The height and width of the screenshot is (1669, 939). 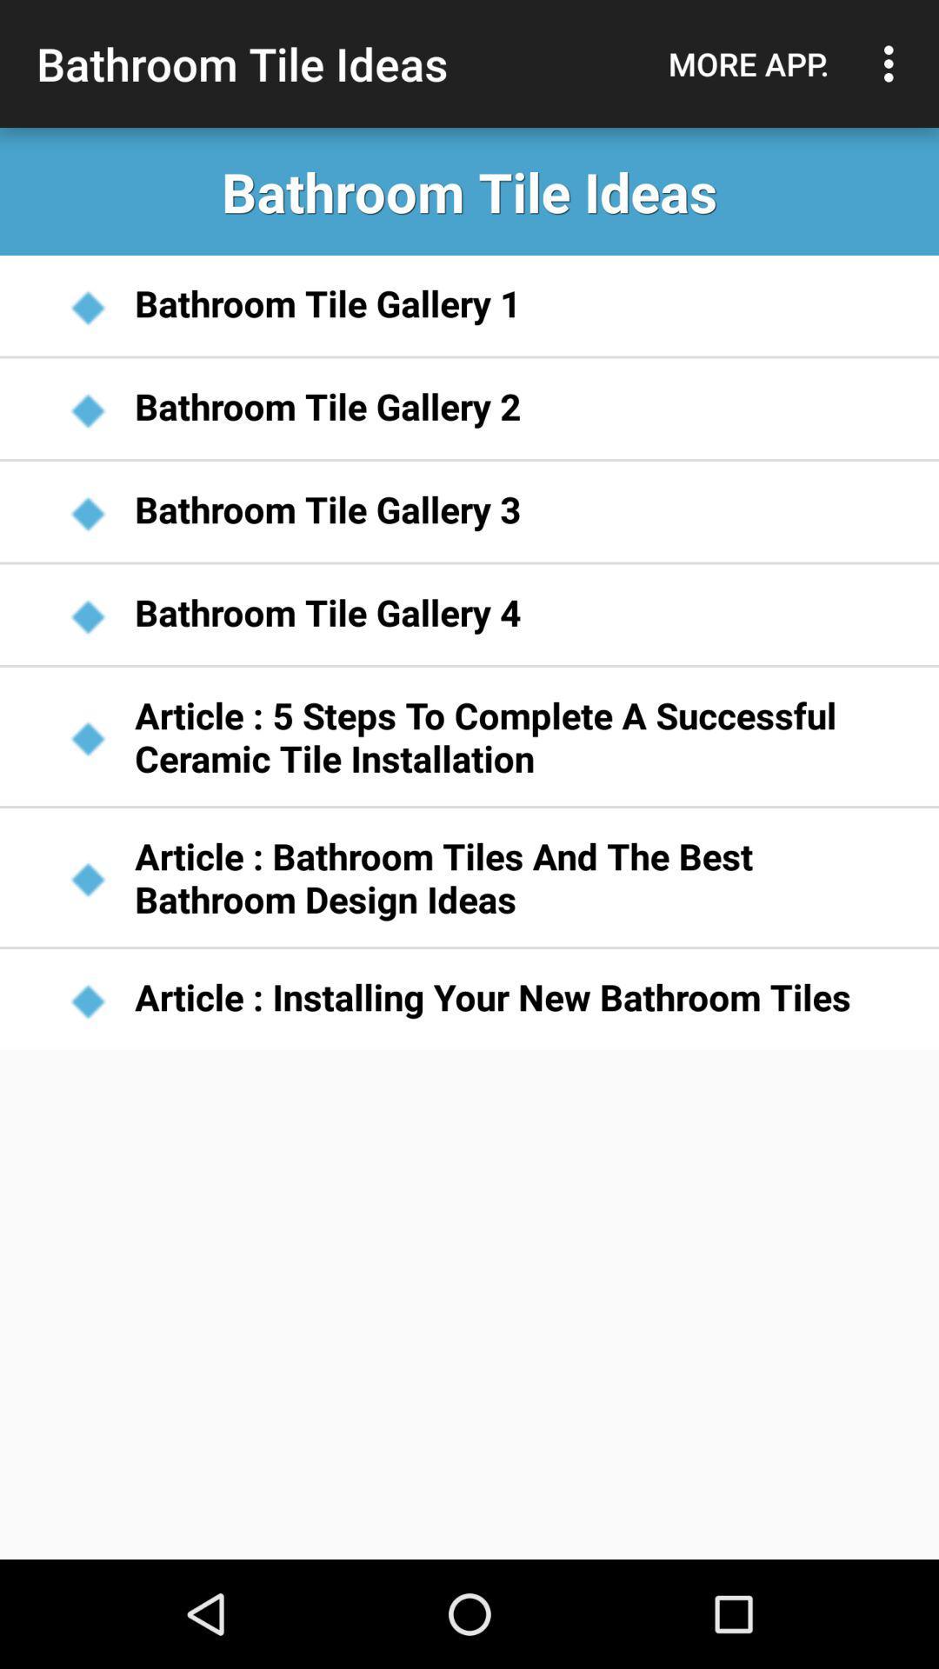 I want to click on more app. item, so click(x=748, y=63).